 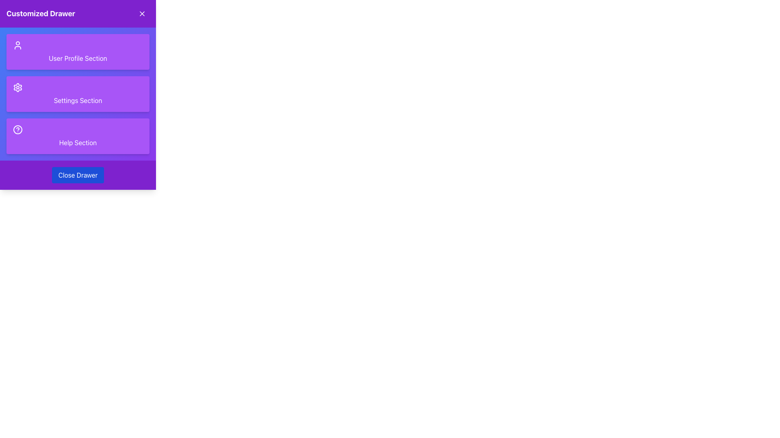 What do you see at coordinates (142, 14) in the screenshot?
I see `the close icon located at the top-right corner of the interface` at bounding box center [142, 14].